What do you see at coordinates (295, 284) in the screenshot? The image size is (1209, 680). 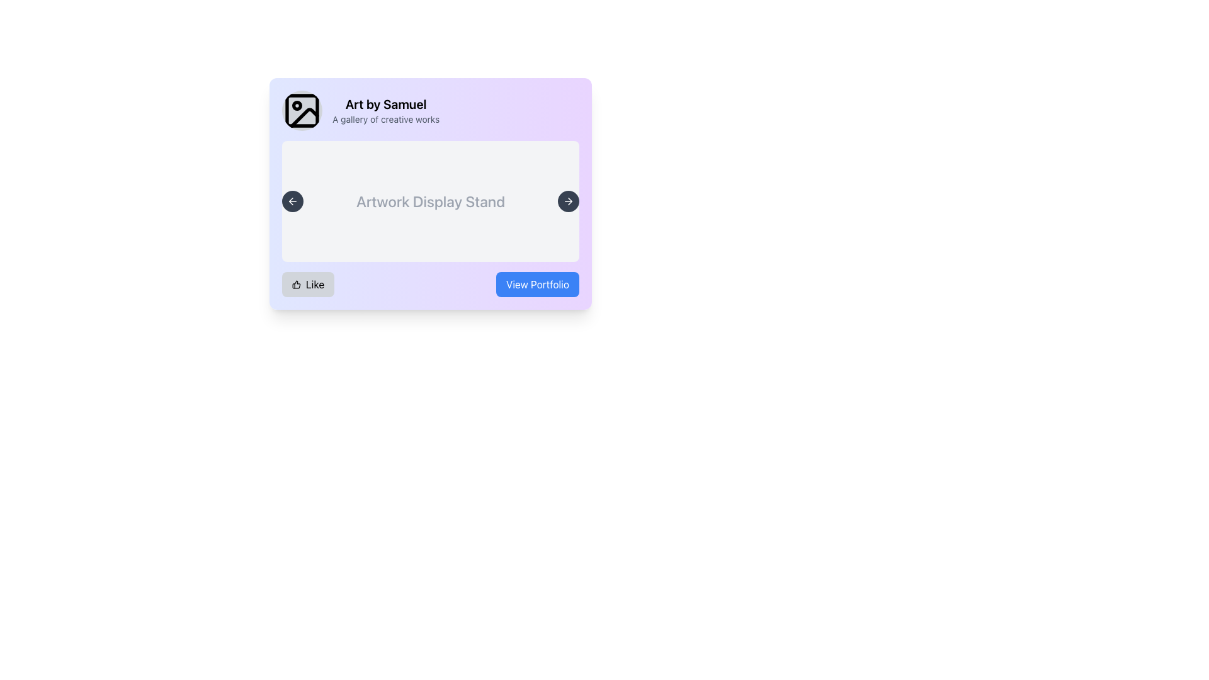 I see `the thumbs-up icon within the 'Like' button located at the bottom-left area of the card component` at bounding box center [295, 284].